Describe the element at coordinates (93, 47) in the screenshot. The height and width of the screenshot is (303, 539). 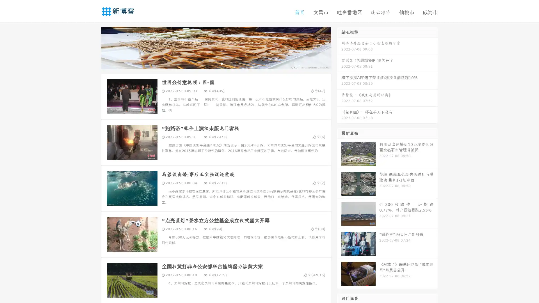
I see `Previous slide` at that location.